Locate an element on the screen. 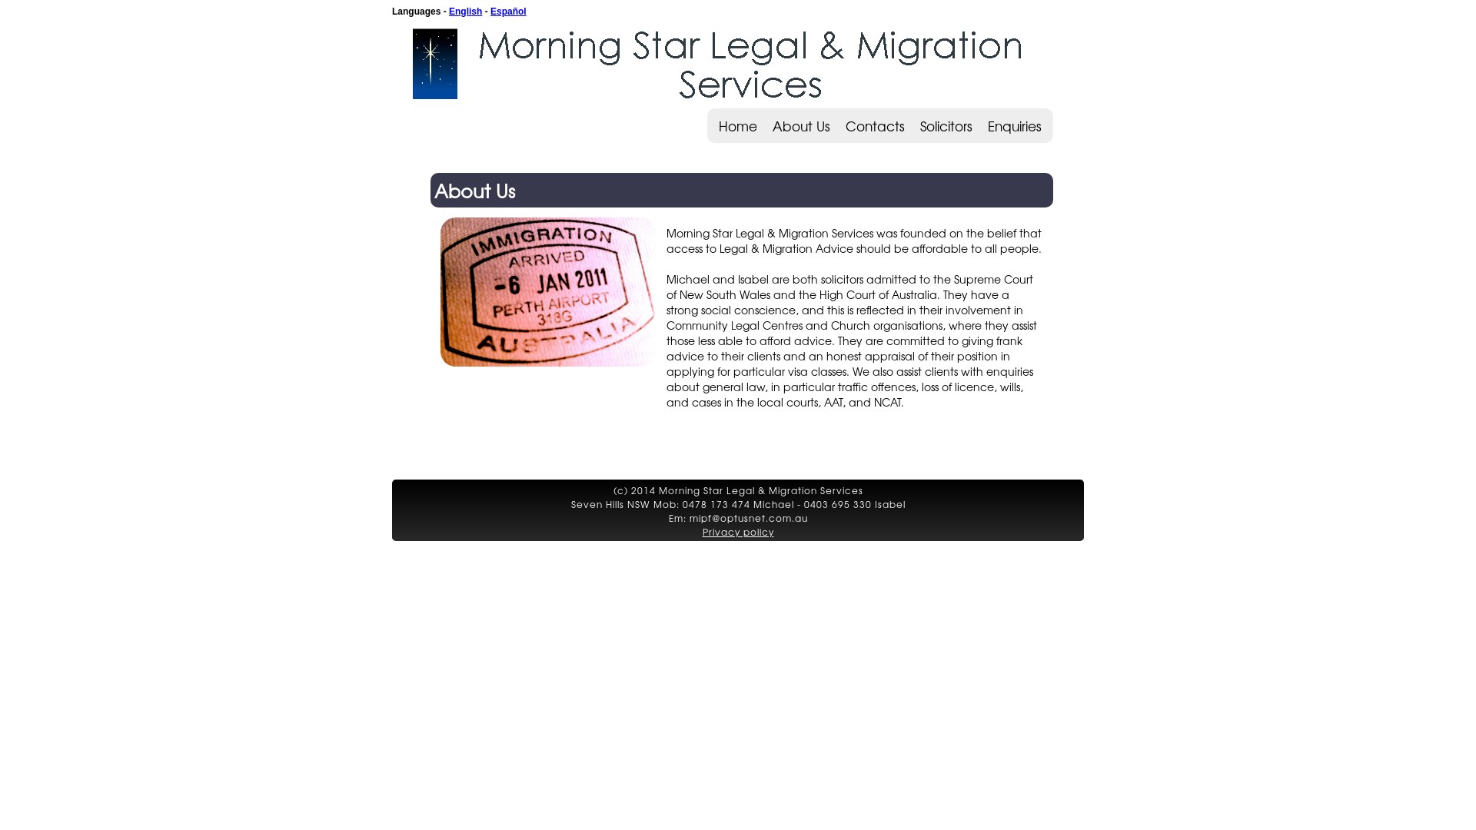  'Privacy policy' is located at coordinates (738, 530).